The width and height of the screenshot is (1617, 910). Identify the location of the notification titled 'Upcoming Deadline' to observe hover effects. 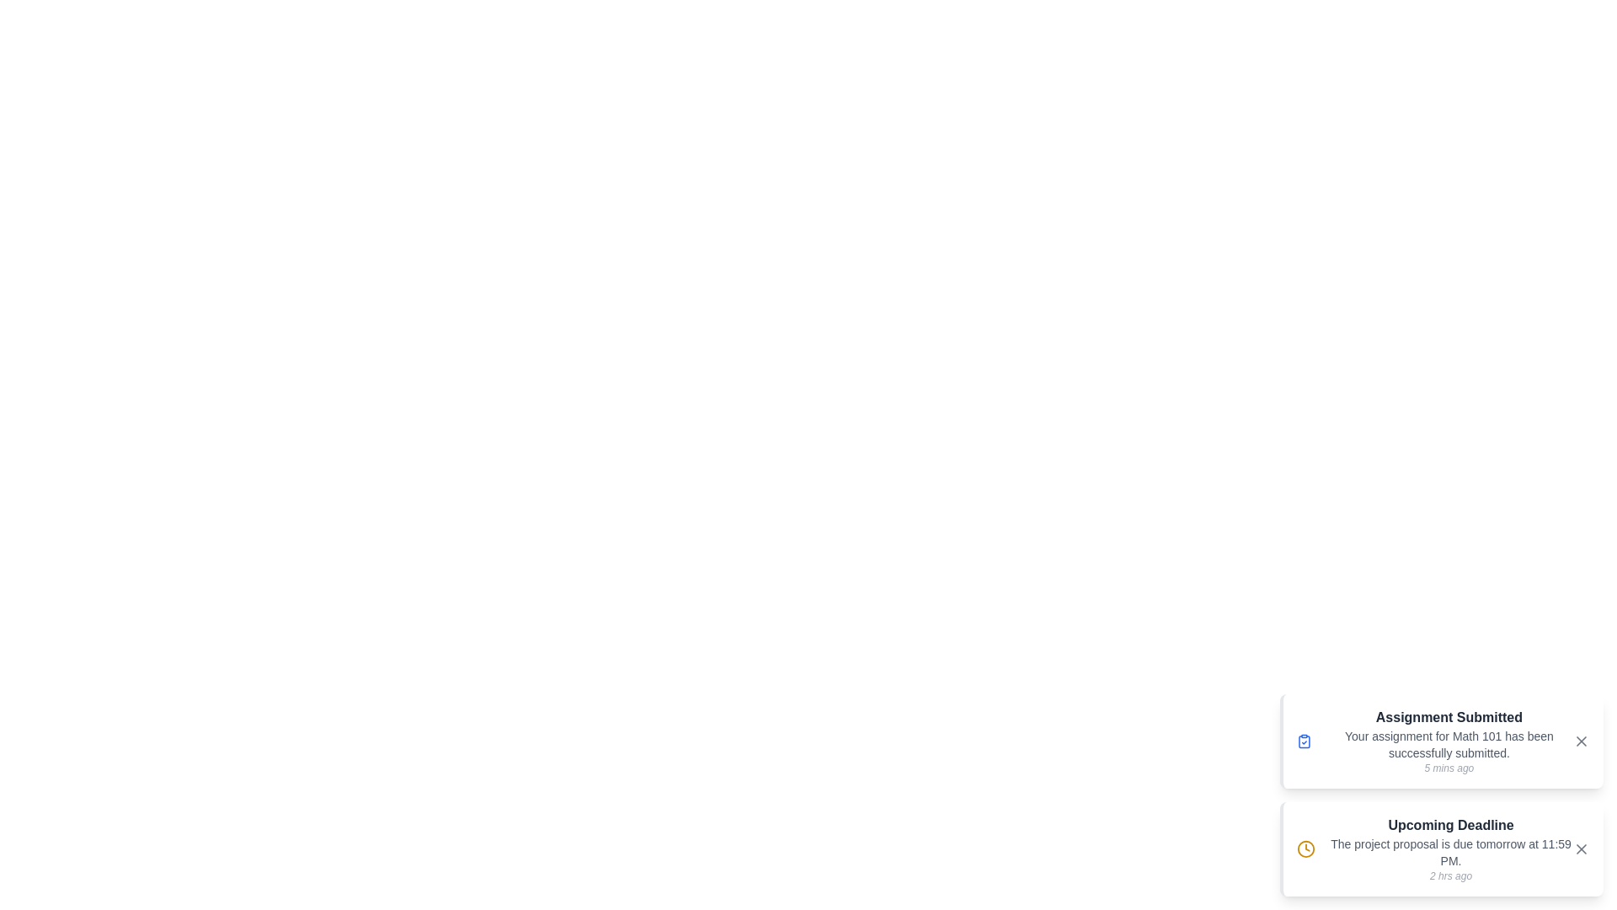
(1441, 848).